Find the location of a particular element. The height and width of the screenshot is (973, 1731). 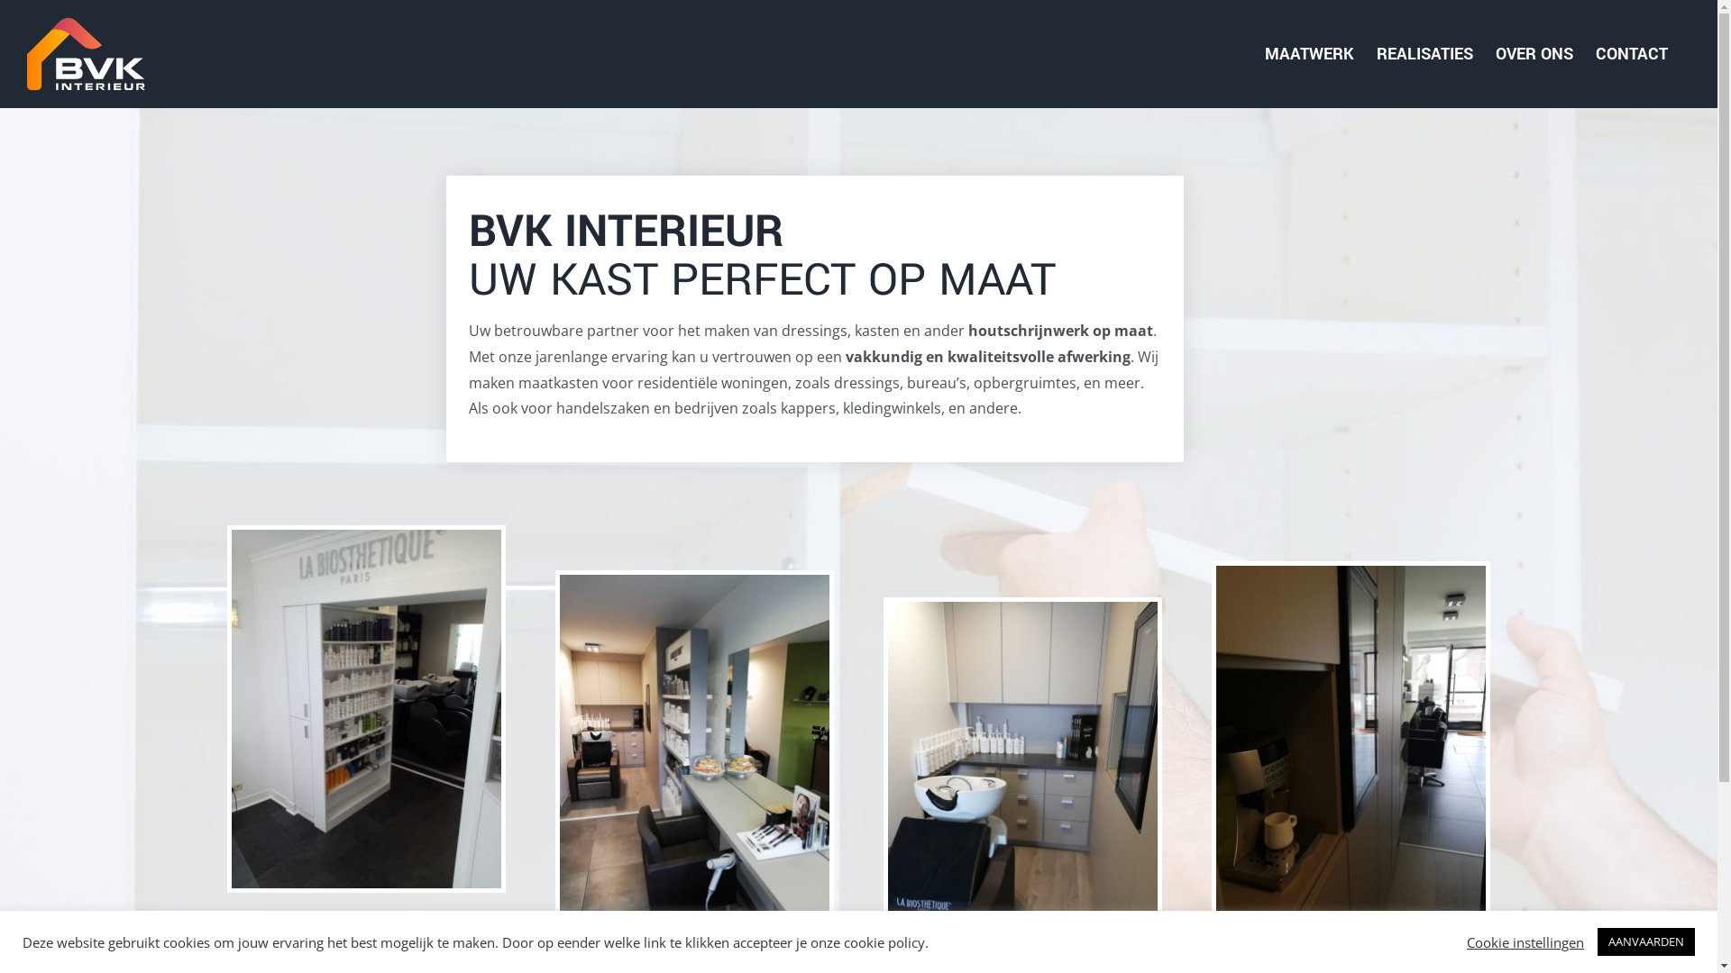

'MAATWERK' is located at coordinates (1309, 53).